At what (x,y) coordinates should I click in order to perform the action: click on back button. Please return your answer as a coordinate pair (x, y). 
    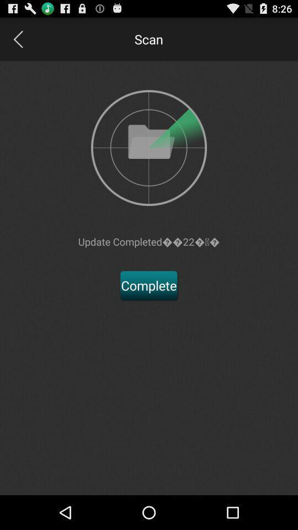
    Looking at the image, I should click on (17, 39).